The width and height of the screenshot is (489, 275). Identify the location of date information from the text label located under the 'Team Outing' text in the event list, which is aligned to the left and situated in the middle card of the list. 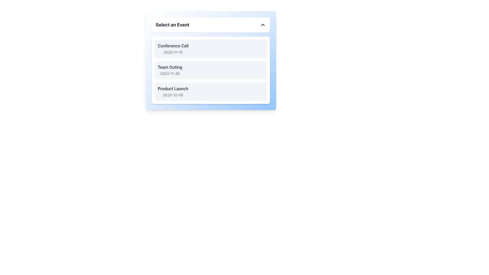
(170, 73).